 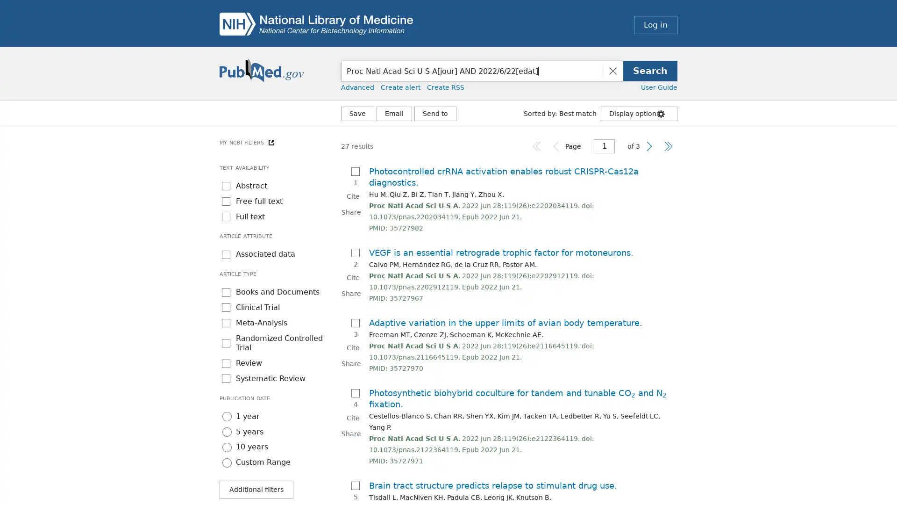 I want to click on Search, so click(x=650, y=70).